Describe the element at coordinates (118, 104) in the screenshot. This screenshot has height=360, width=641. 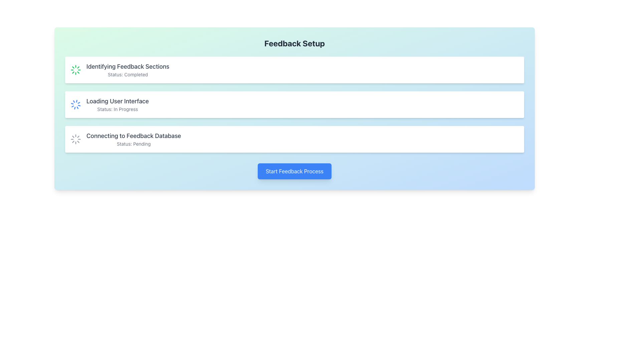
I see `the static text display that indicates 'Loading User Interface', positioned as the second item in a vertically stacked list between 'Identifying Feedback Sections' and 'Connecting to Feedback Database'` at that location.